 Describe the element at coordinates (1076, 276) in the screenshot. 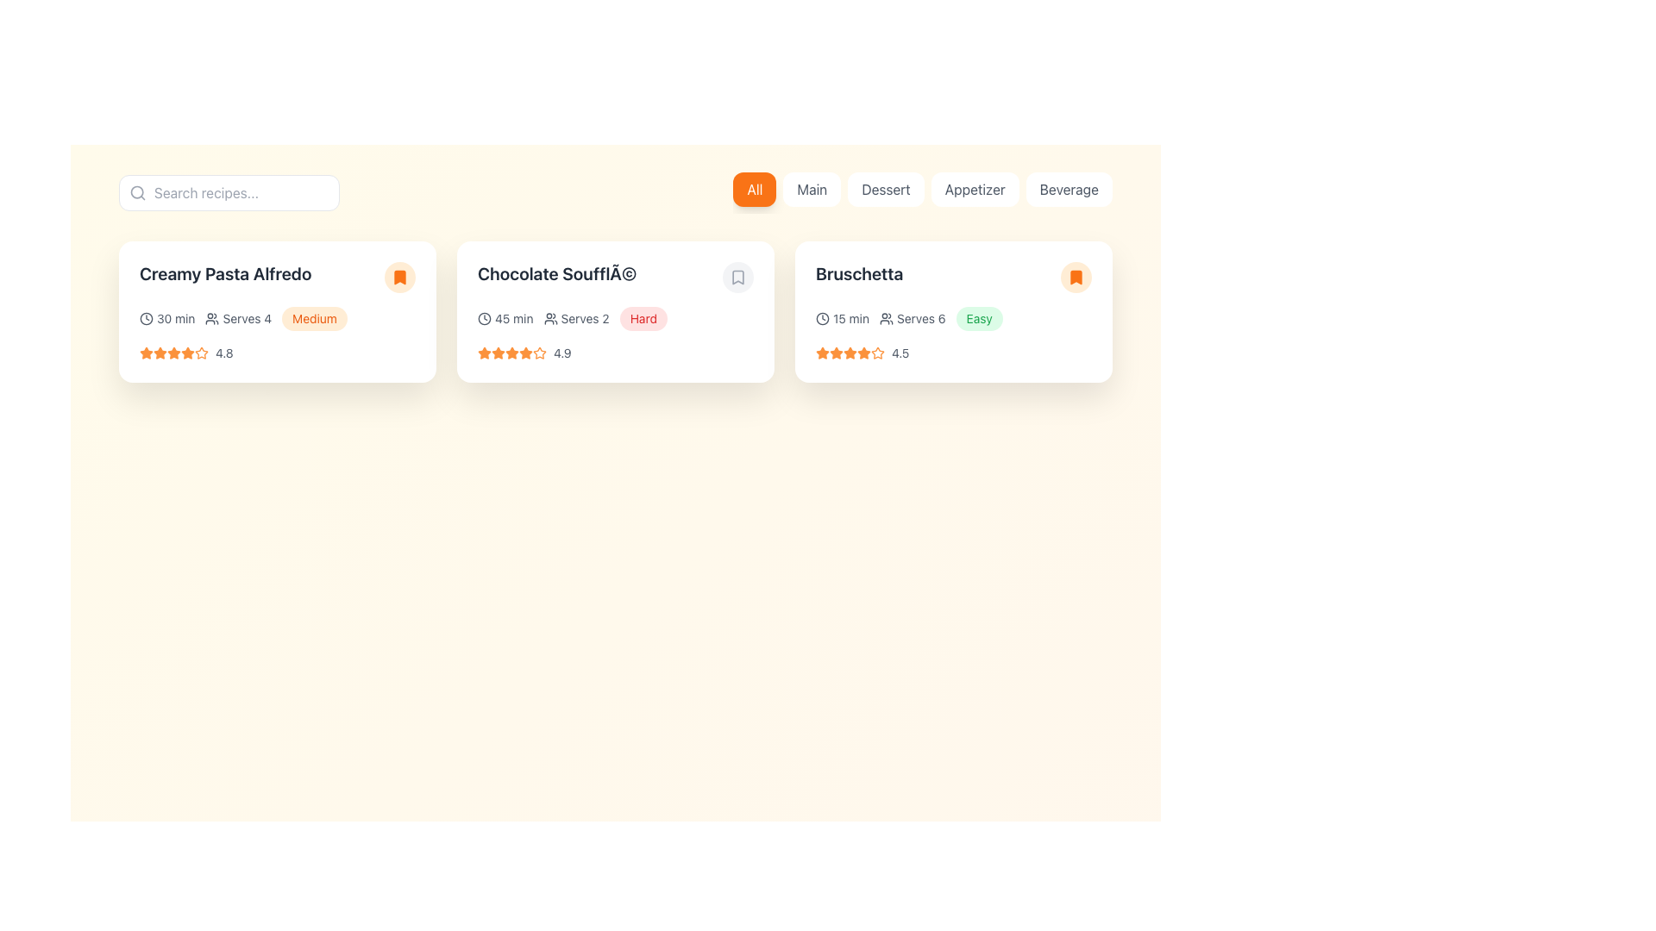

I see `the bookmark icon represented by a compact orange bookmark within a circular button located at the top right corner of the 'Bruschetta' card` at that location.